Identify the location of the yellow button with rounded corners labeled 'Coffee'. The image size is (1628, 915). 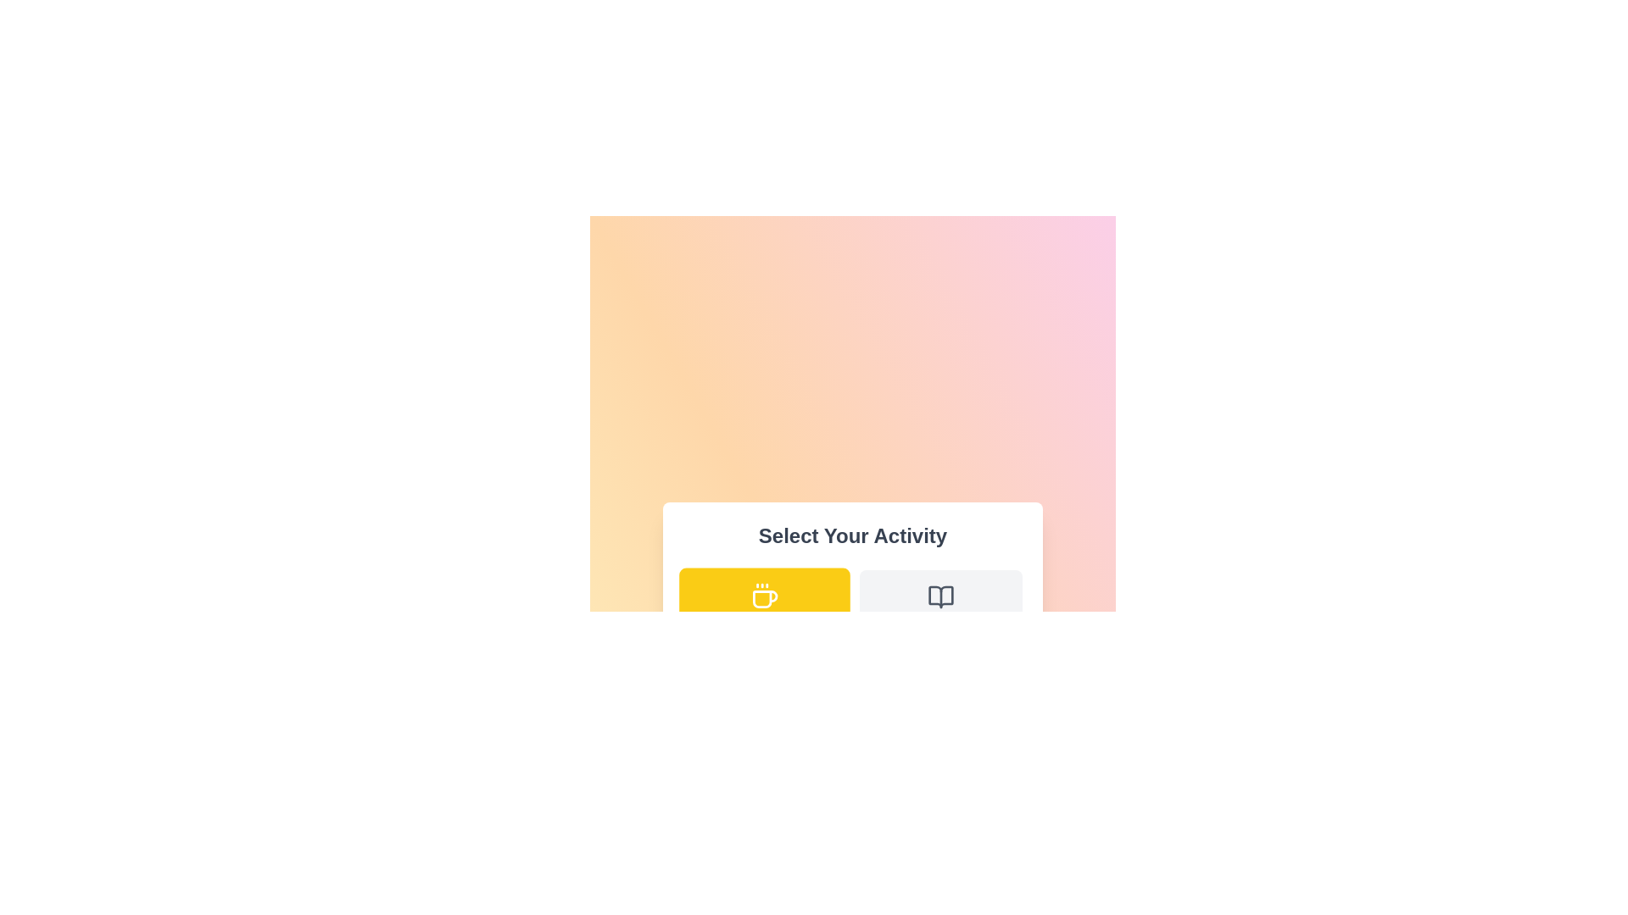
(764, 612).